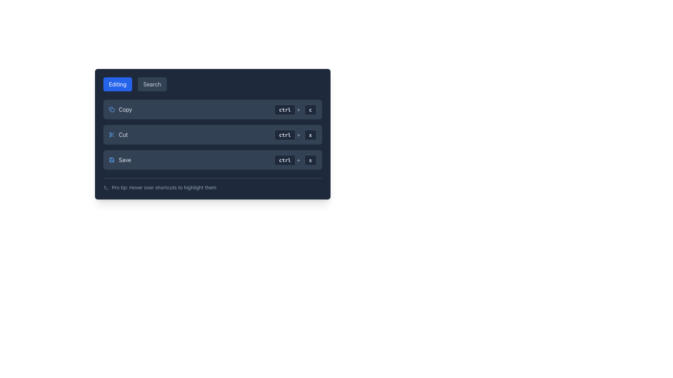 Image resolution: width=673 pixels, height=378 pixels. Describe the element at coordinates (111, 160) in the screenshot. I see `the graphical component of the 'Save' button located at the bottom right corner of the interface` at that location.